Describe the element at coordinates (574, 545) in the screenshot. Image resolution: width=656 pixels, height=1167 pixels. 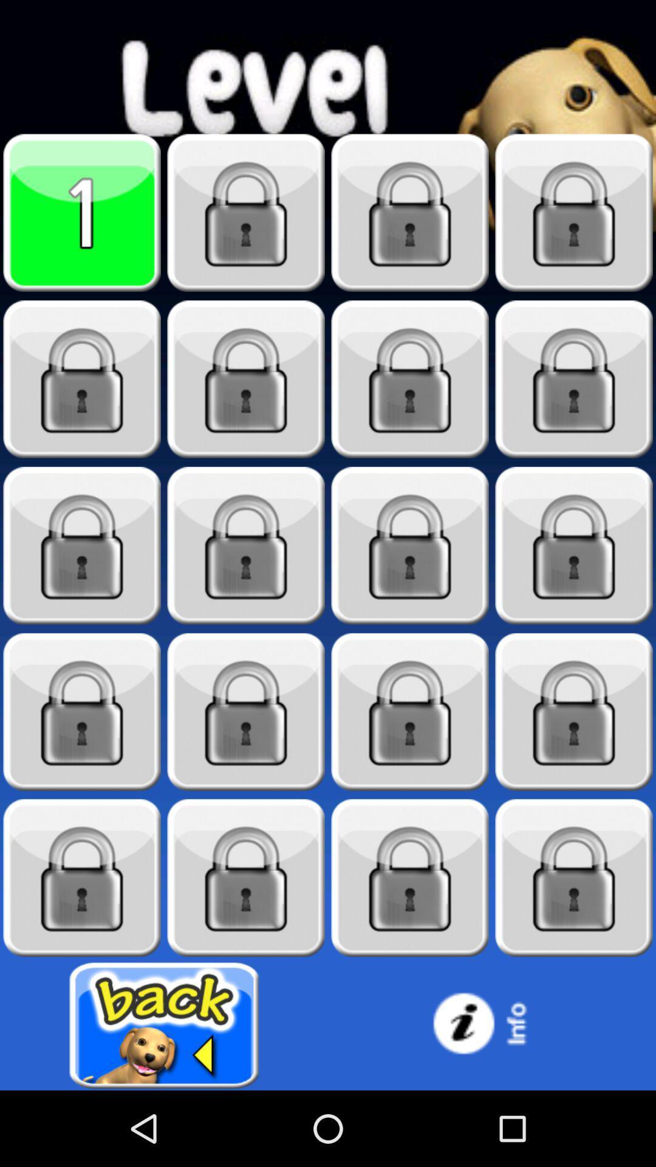
I see `level 12 currently locked` at that location.